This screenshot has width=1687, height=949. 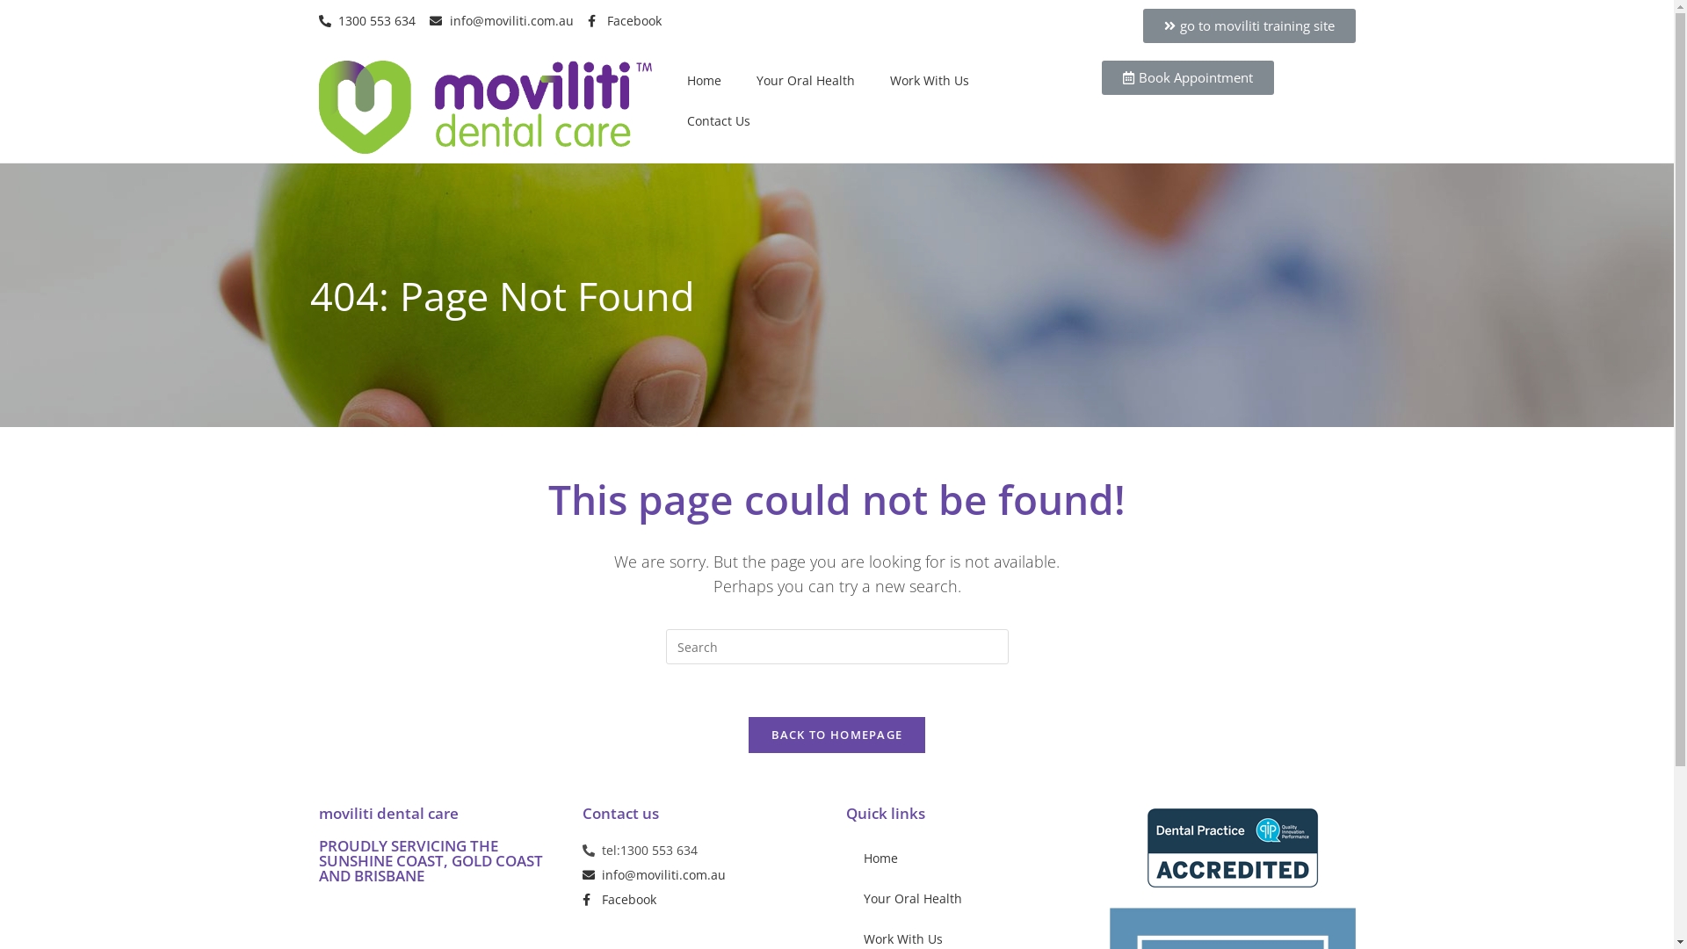 I want to click on 'Facebook', so click(x=624, y=20).